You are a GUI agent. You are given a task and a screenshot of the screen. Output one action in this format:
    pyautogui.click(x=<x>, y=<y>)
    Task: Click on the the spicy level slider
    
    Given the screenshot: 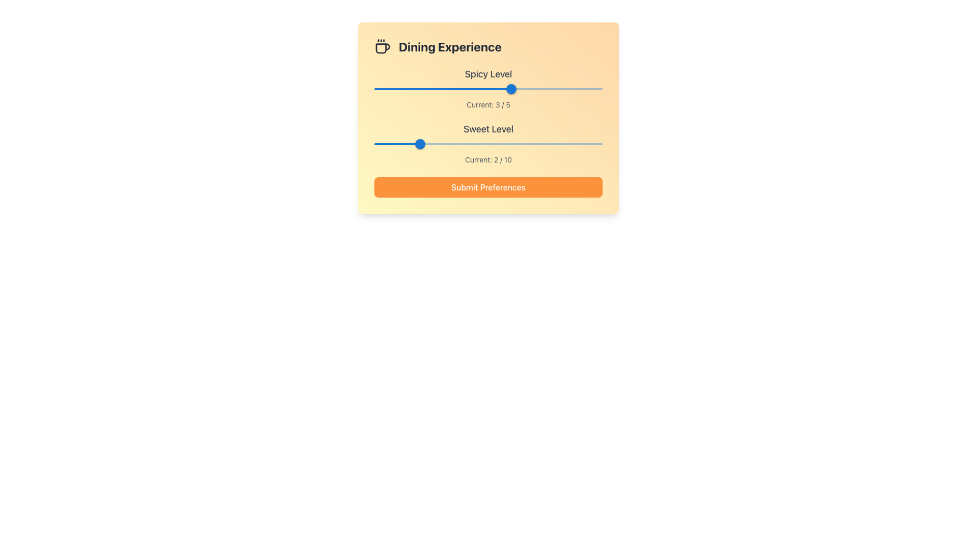 What is the action you would take?
    pyautogui.click(x=448, y=88)
    